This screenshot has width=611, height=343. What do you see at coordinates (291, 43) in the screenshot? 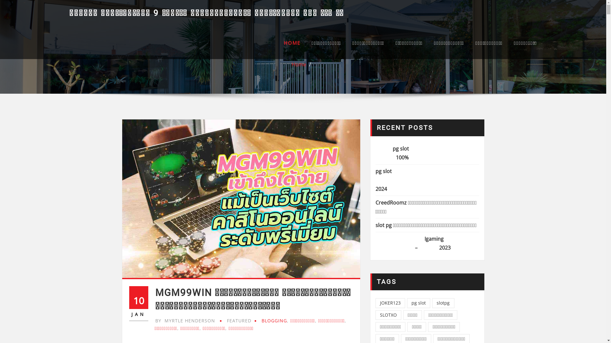
I see `'HOME'` at bounding box center [291, 43].